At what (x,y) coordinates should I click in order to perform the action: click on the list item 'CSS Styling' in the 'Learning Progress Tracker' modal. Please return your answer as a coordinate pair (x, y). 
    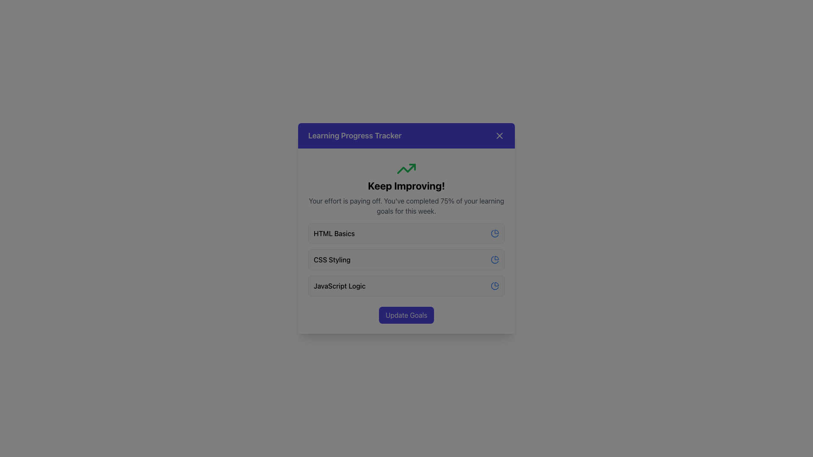
    Looking at the image, I should click on (406, 259).